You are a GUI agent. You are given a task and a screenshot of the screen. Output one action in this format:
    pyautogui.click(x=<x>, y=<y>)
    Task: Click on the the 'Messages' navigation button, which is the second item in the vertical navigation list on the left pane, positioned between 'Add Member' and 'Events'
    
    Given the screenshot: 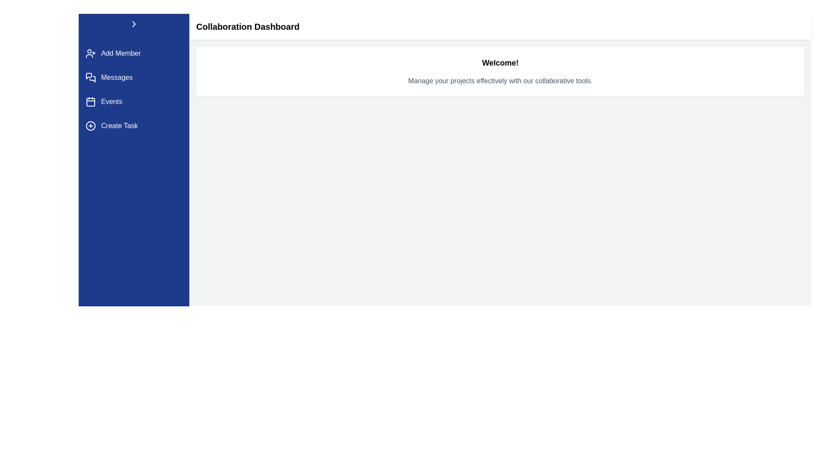 What is the action you would take?
    pyautogui.click(x=134, y=78)
    